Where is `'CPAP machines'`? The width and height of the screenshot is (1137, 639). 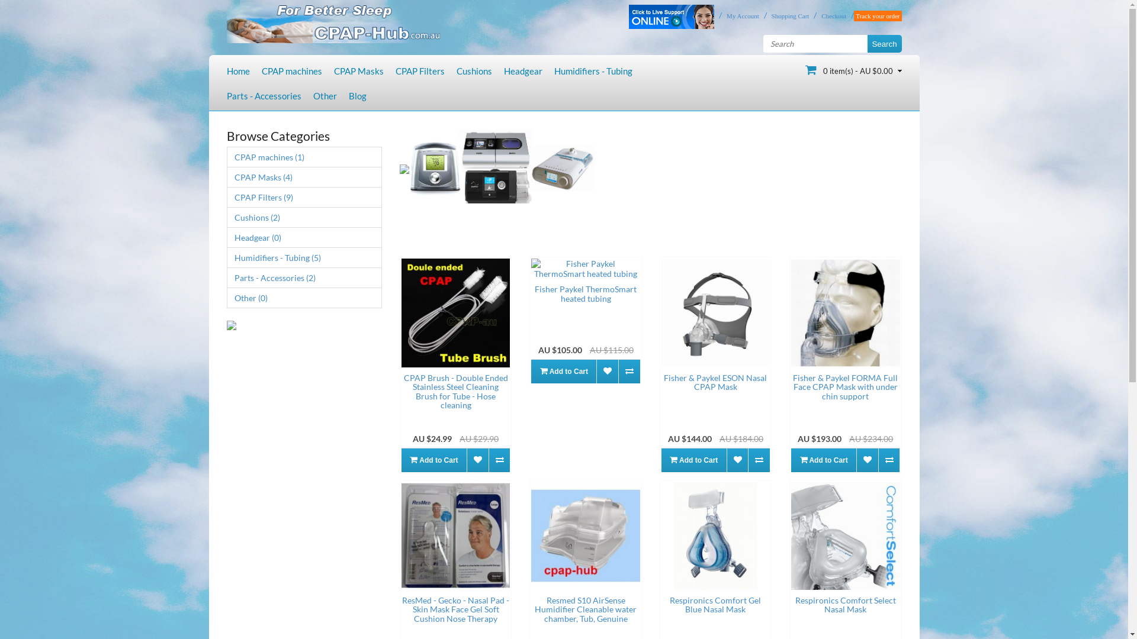 'CPAP machines' is located at coordinates (292, 70).